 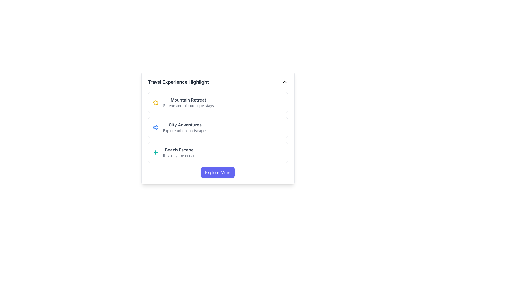 What do you see at coordinates (155, 102) in the screenshot?
I see `the stylized yellow star icon located near the text descriptions and titles in the section labeled 'Mountain Retreat.'` at bounding box center [155, 102].